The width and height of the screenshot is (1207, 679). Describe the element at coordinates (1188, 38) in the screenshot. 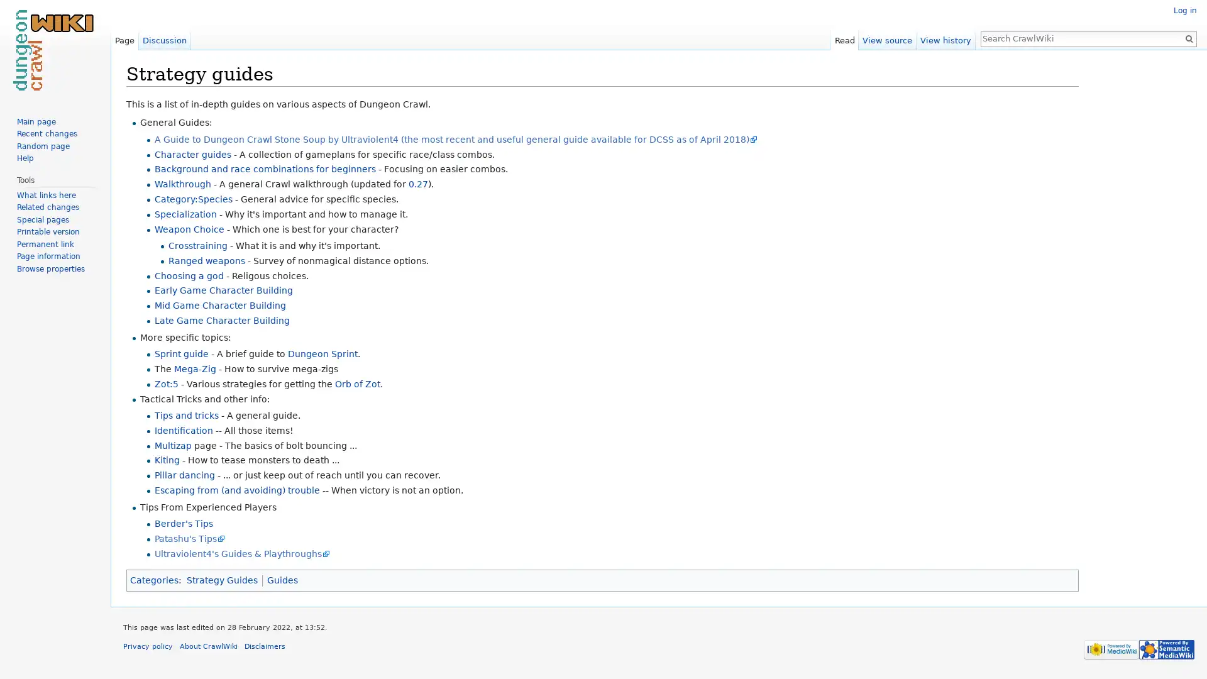

I see `Go` at that location.